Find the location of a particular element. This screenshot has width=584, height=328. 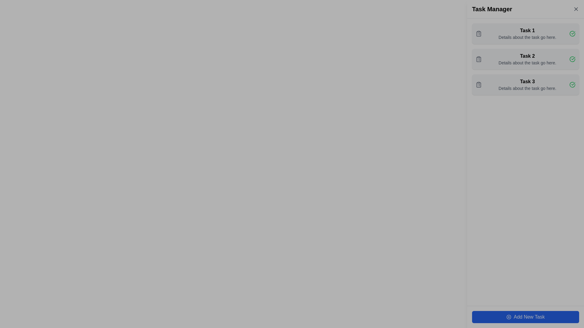

the Text Label that serves as a header for the interface, located at the leftmost side of the sidebar, adjacent to the closing button is located at coordinates (492, 9).